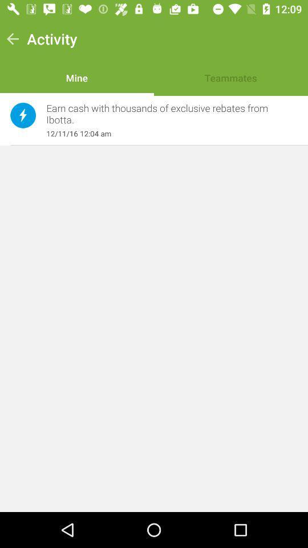 This screenshot has width=308, height=548. What do you see at coordinates (165, 134) in the screenshot?
I see `the 12 11 16` at bounding box center [165, 134].